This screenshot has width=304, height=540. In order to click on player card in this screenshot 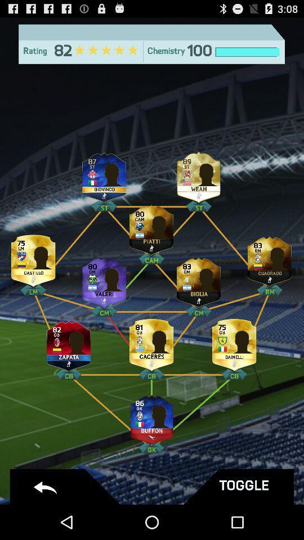, I will do `click(104, 175)`.